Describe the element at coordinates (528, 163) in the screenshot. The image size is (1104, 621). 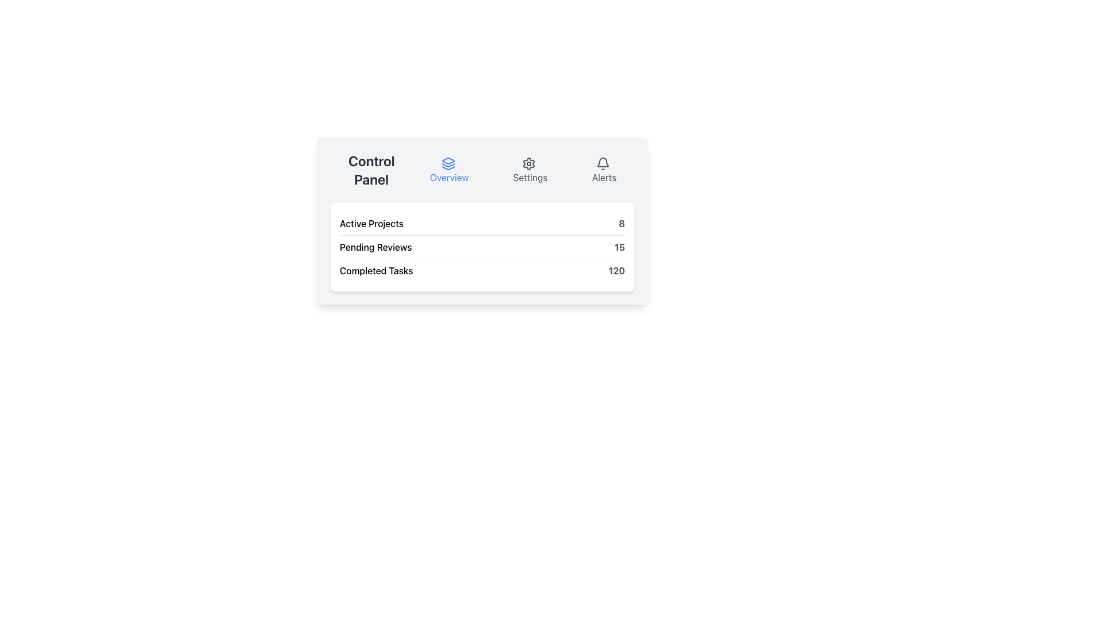
I see `the settings icon located in the top menu bar` at that location.